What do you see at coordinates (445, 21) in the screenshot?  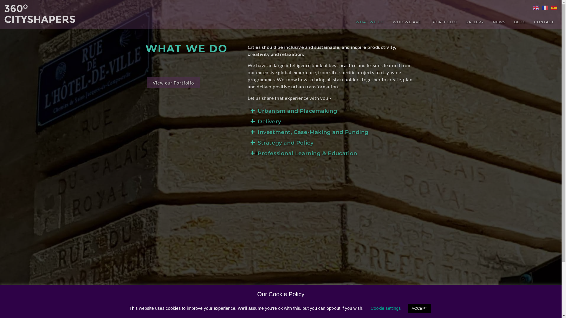 I see `'PORTFOLIO'` at bounding box center [445, 21].